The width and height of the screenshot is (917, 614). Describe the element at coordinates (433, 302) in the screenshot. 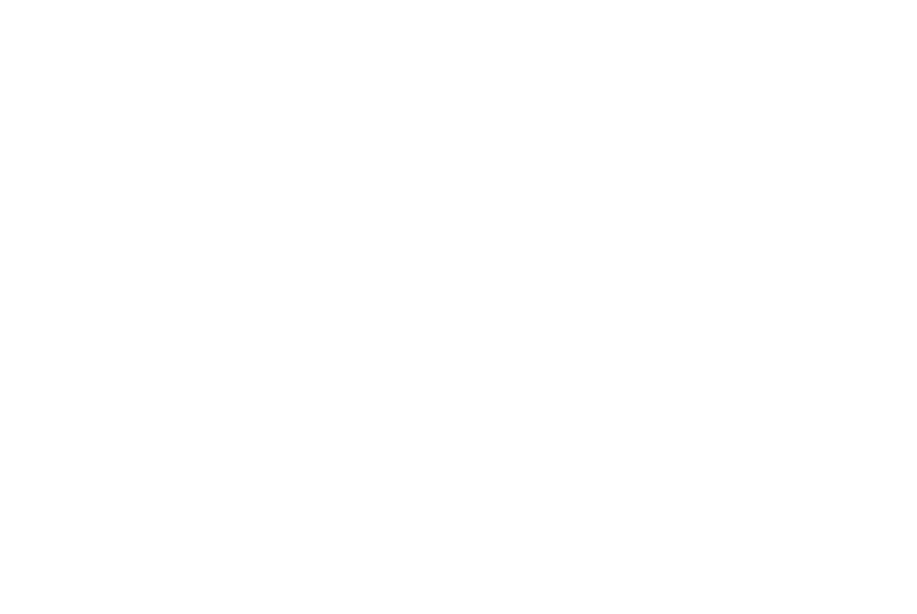

I see `'Recruitment'` at that location.